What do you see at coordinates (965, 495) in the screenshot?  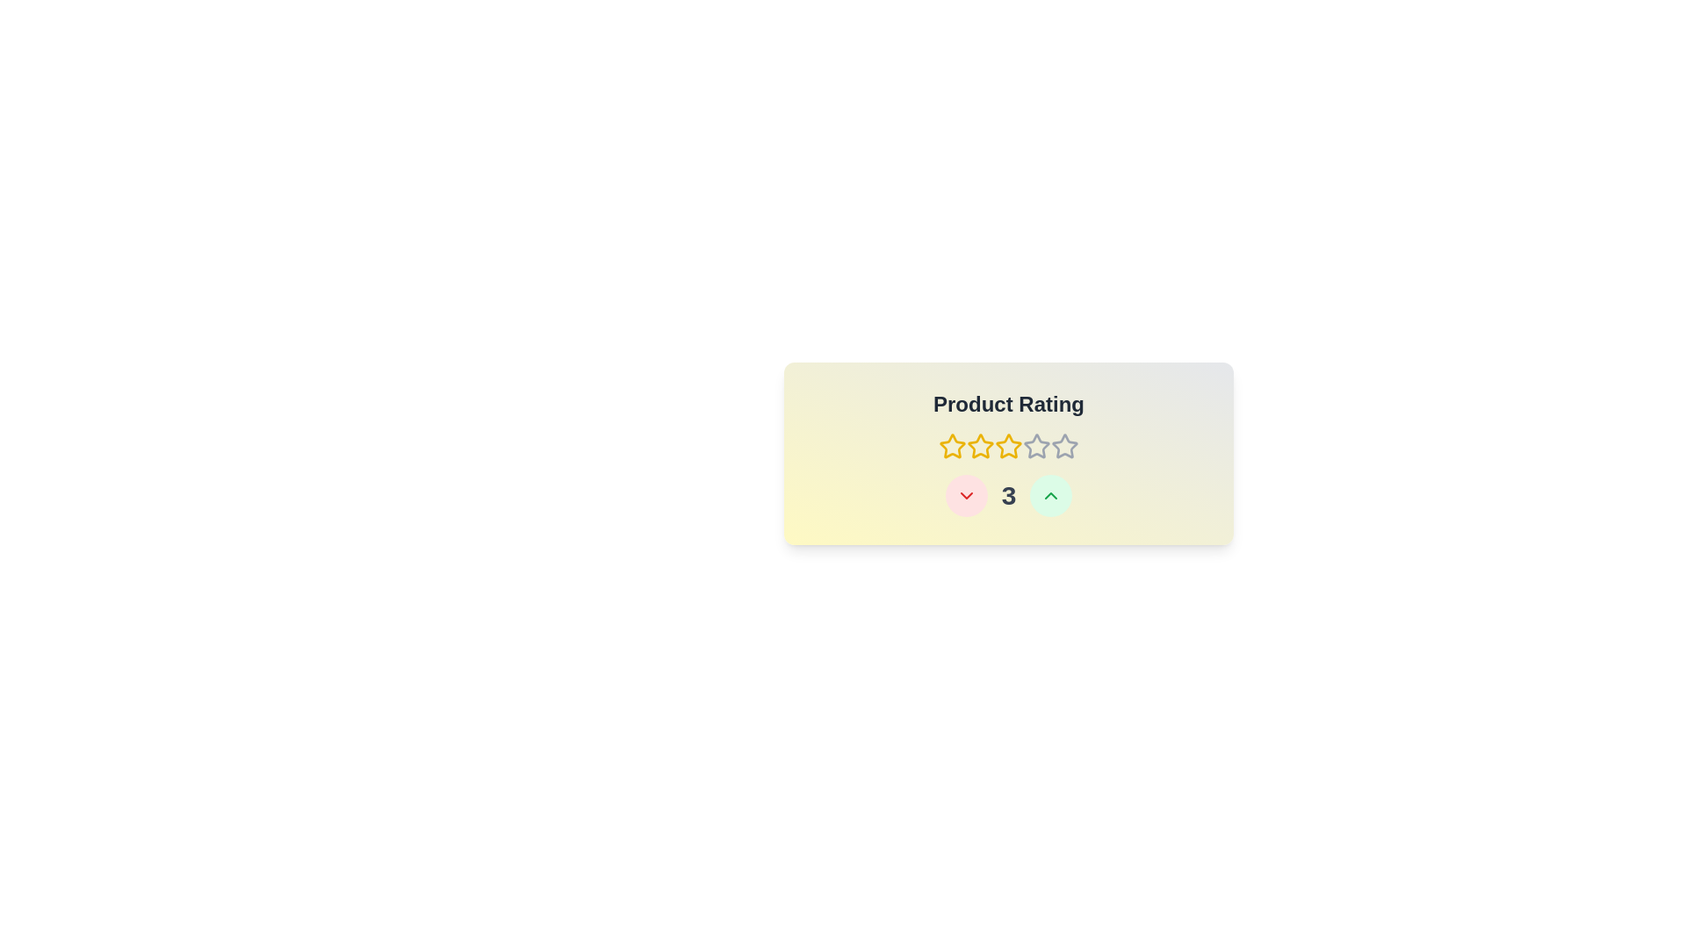 I see `the circular button with a light red background and a downward red chevron, located to the left of the numeric label '3' and below the product rating stars, to decrement the value` at bounding box center [965, 495].